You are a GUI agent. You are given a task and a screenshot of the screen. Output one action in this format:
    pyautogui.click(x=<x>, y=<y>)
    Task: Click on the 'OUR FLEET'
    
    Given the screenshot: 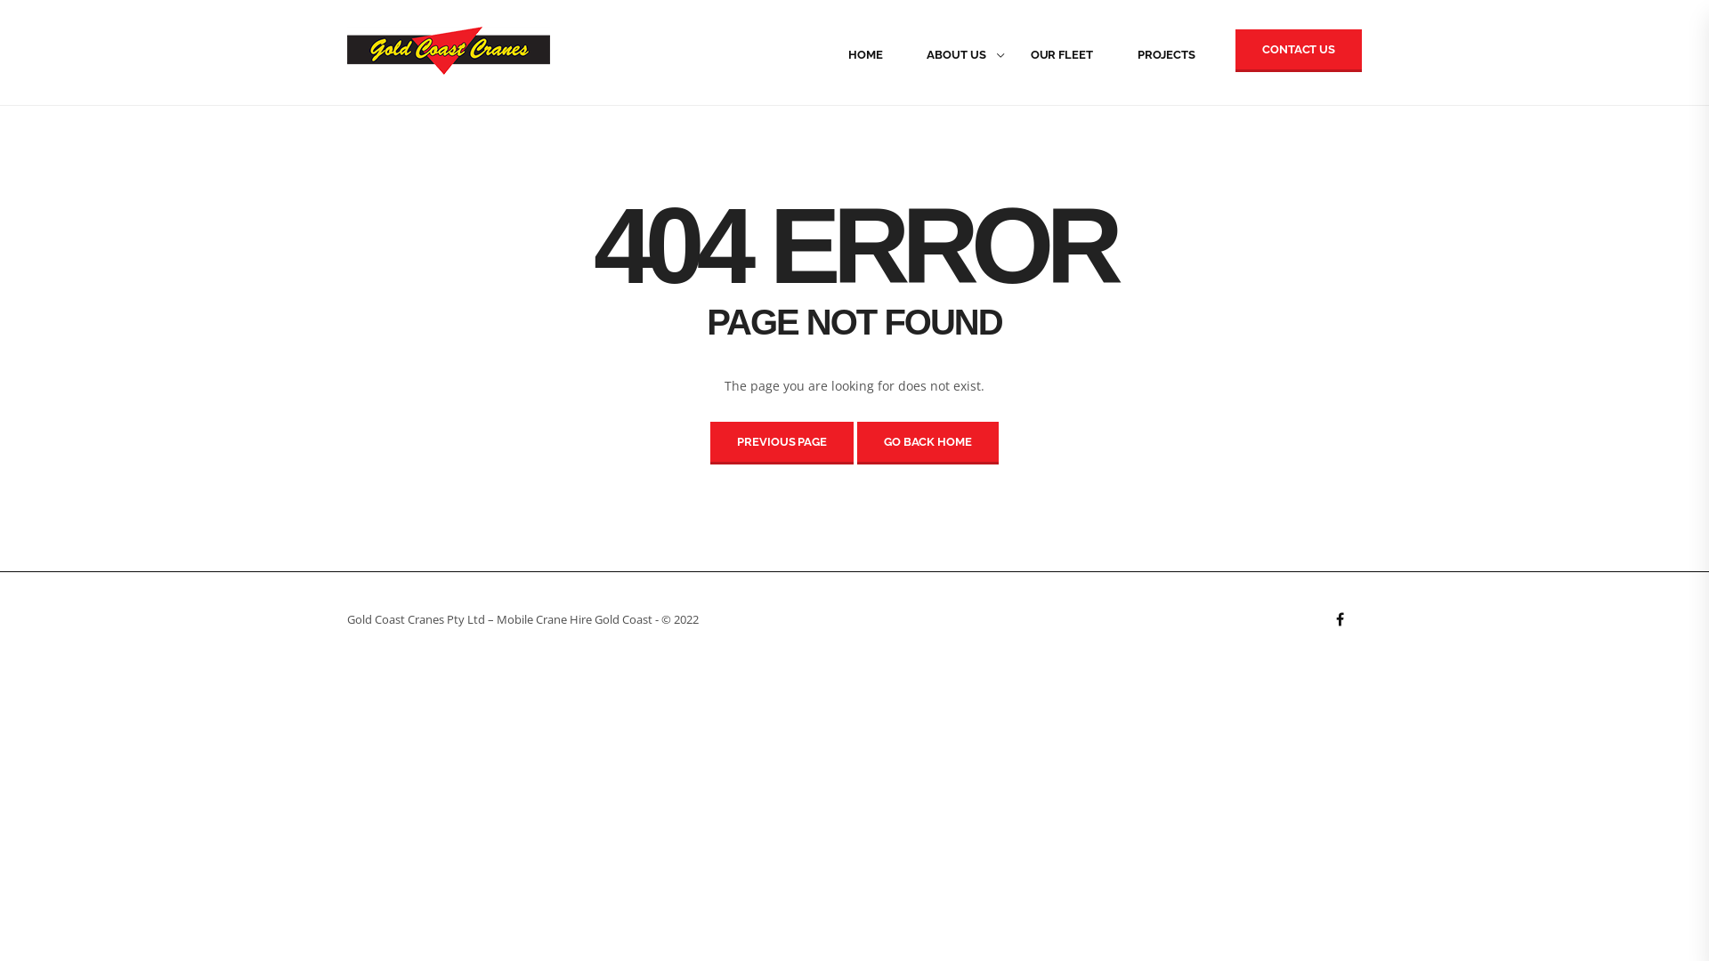 What is the action you would take?
    pyautogui.click(x=1008, y=53)
    